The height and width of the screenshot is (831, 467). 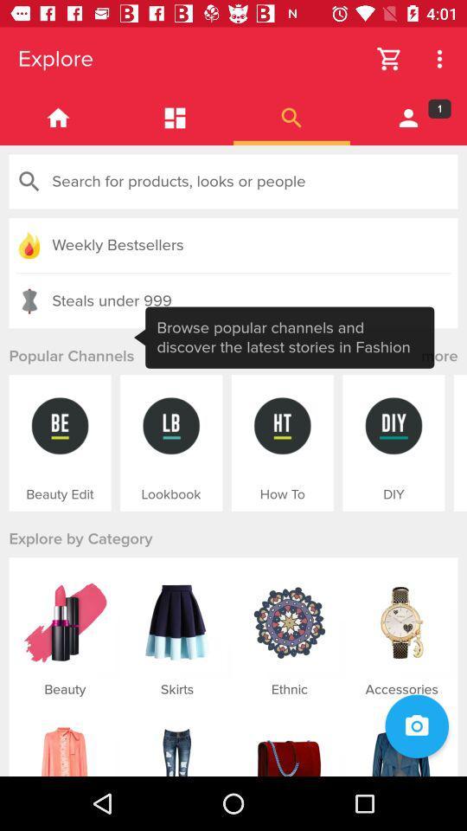 What do you see at coordinates (291, 117) in the screenshot?
I see `search tab` at bounding box center [291, 117].